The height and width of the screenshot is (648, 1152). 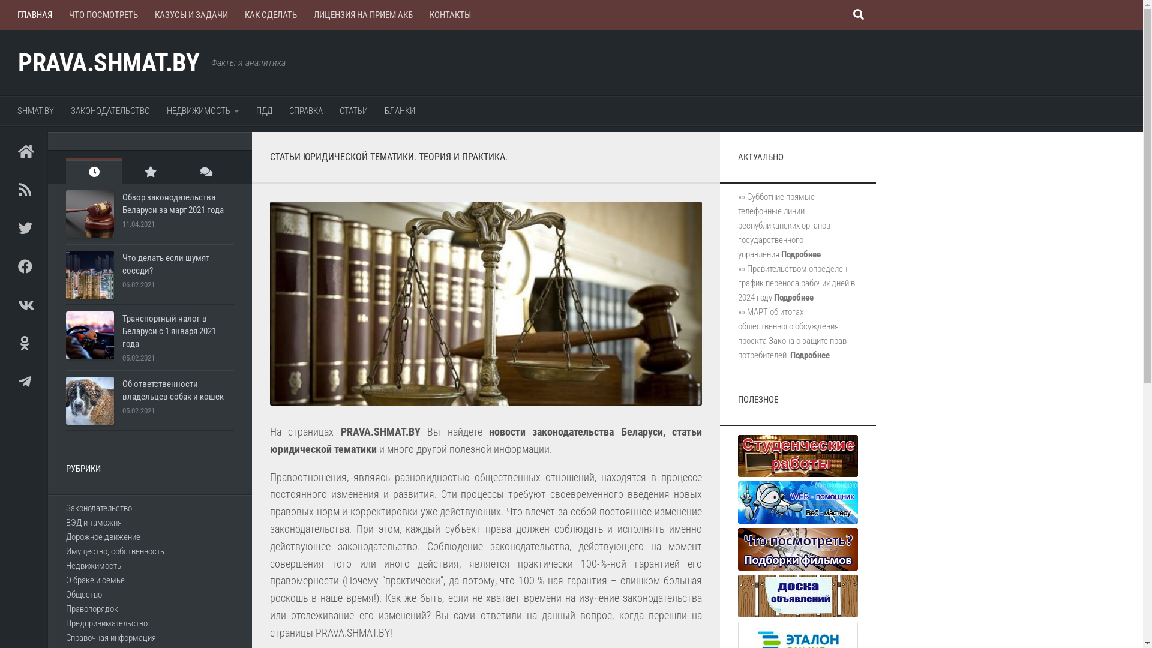 What do you see at coordinates (206, 171) in the screenshot?
I see `'Recent Comments'` at bounding box center [206, 171].